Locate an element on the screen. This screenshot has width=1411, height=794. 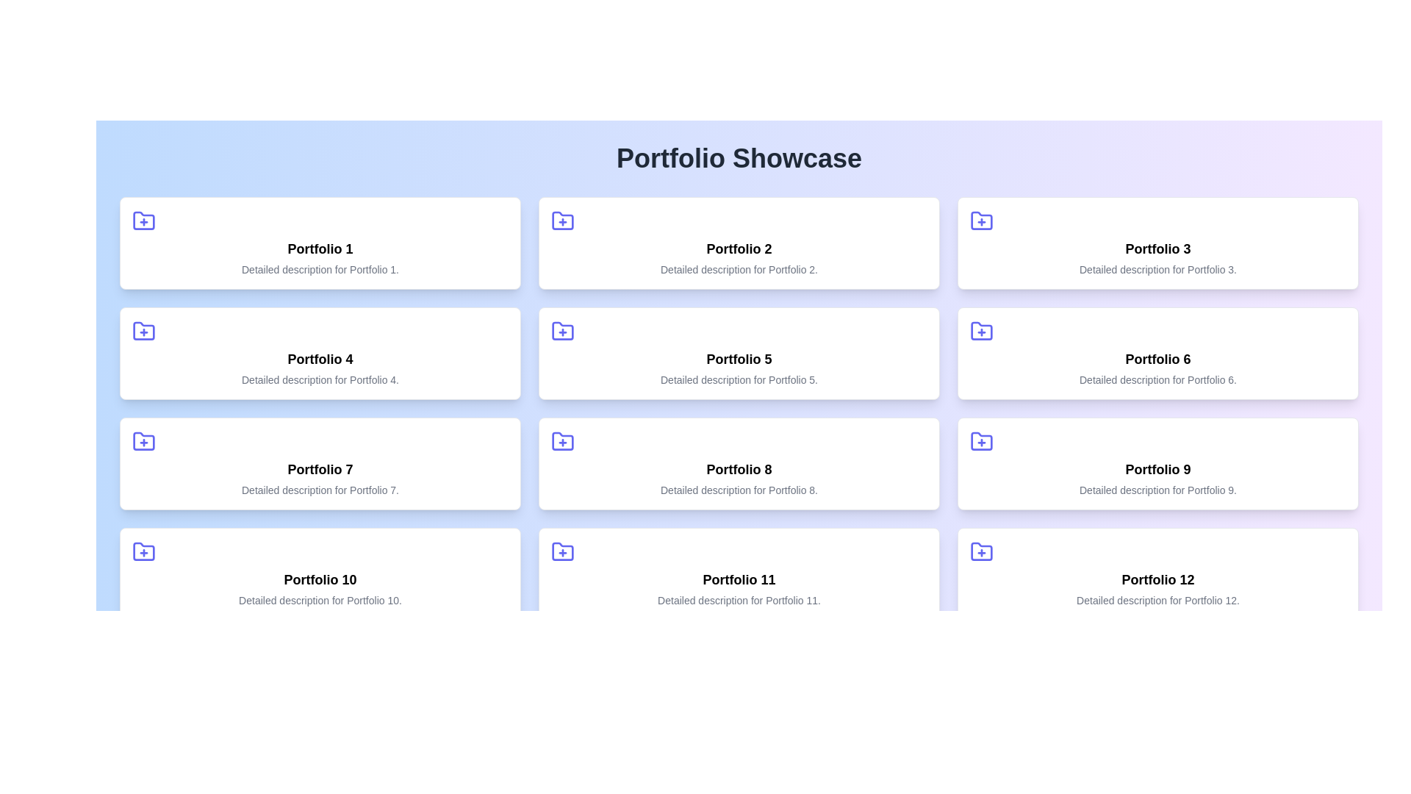
the explanatory text element located immediately below the title 'Portfolio 3' in the card for Portfolio 3 is located at coordinates (1157, 269).